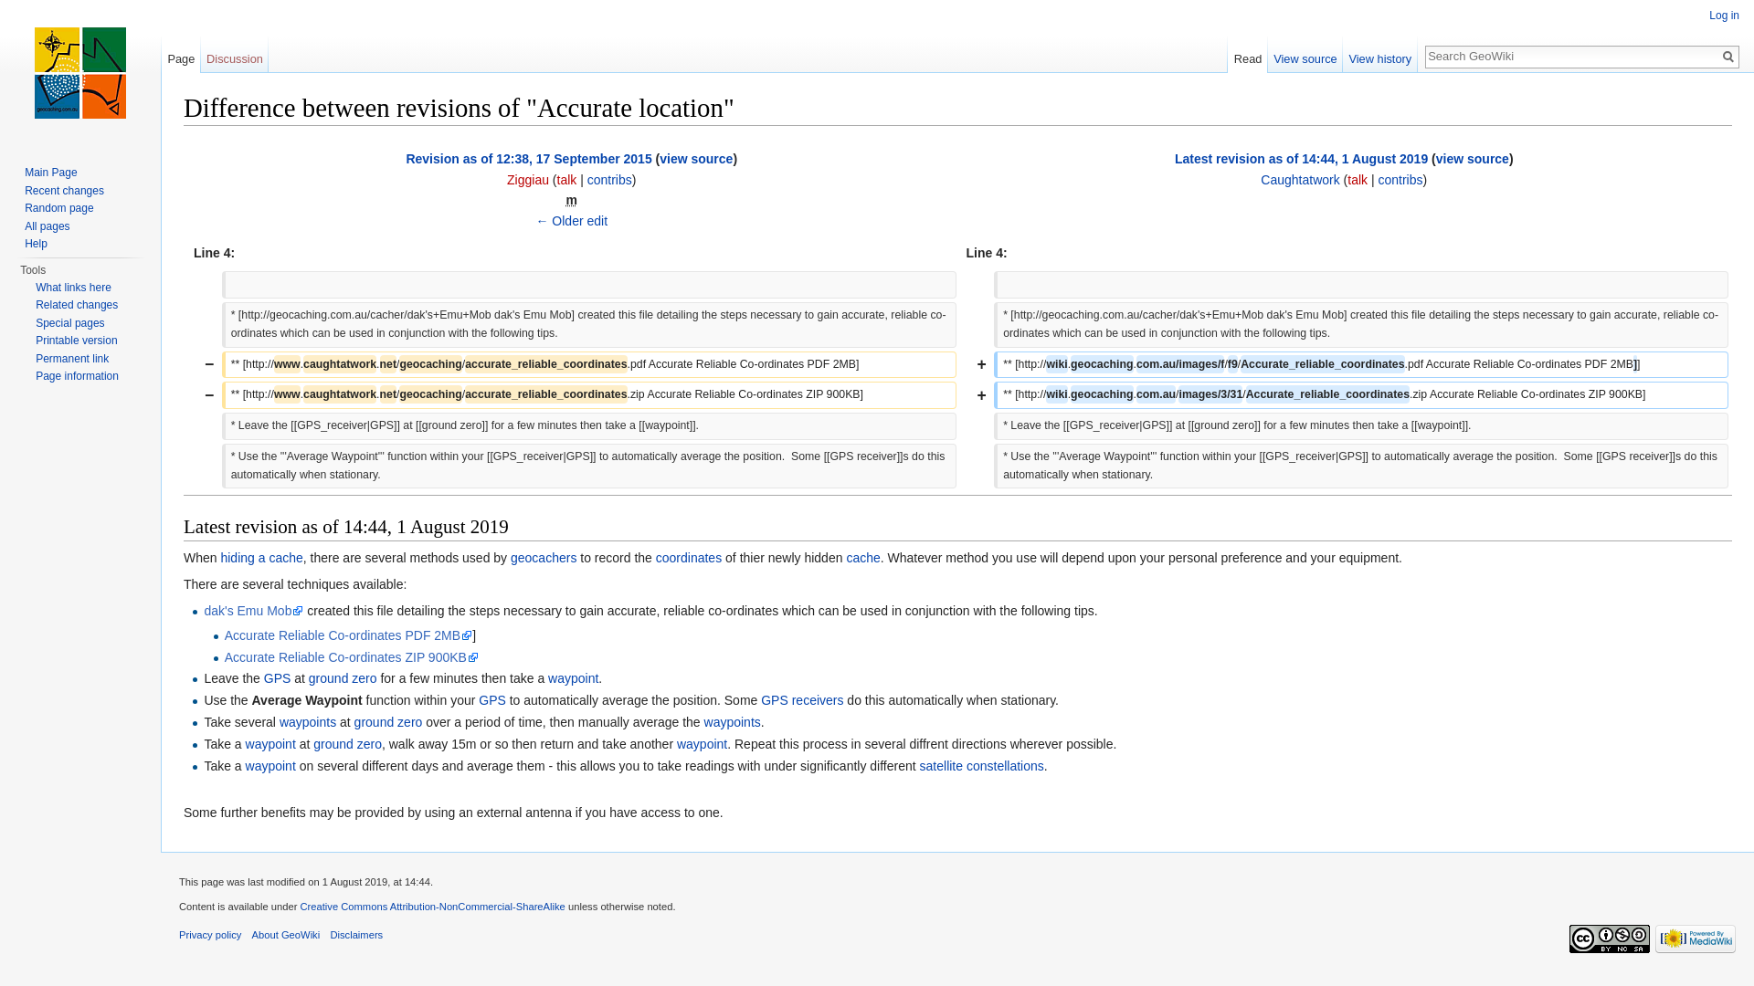 The width and height of the screenshot is (1754, 986). I want to click on 'All pages', so click(47, 224).